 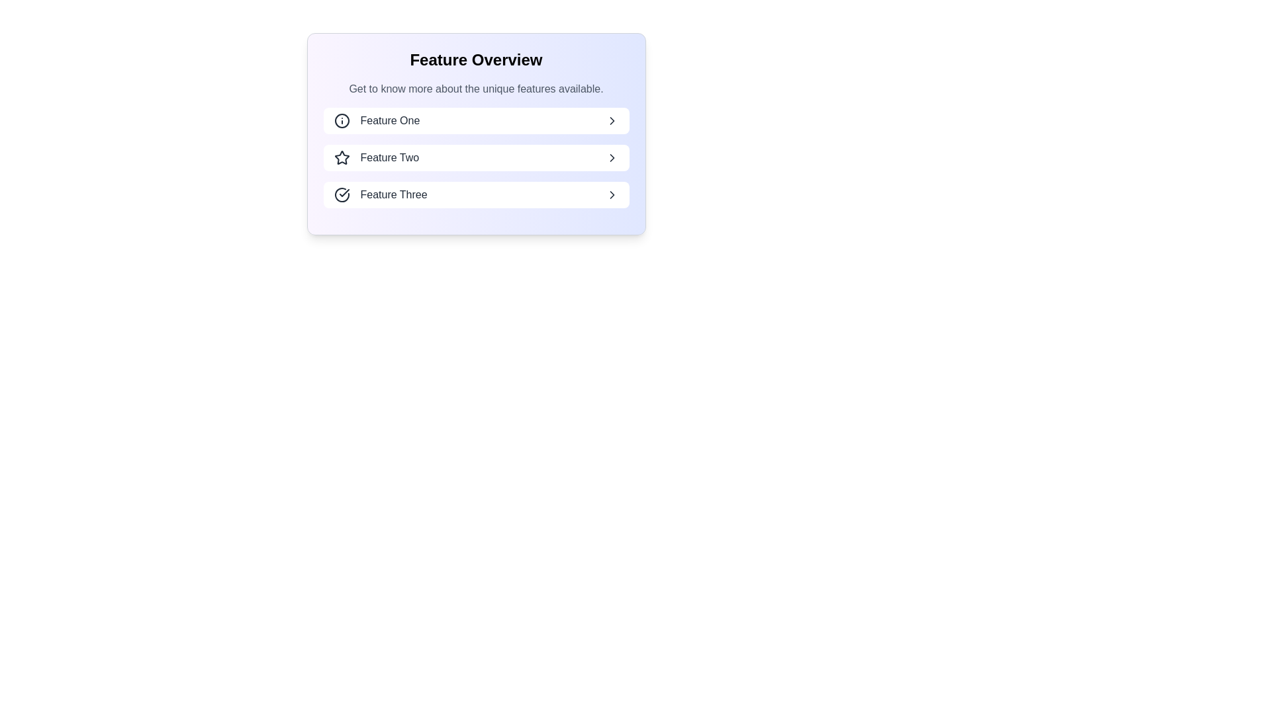 I want to click on the SVG circle within the information icon located to the left of the 'Feature One' text label in the 'Feature Overview' section, so click(x=342, y=120).